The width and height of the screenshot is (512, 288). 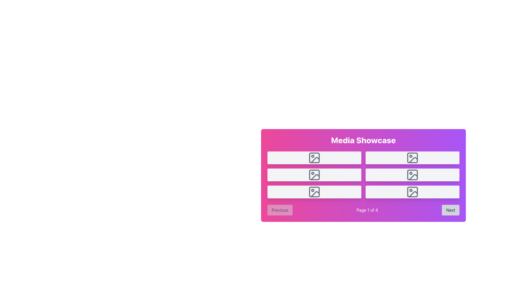 What do you see at coordinates (412, 192) in the screenshot?
I see `the square-shaped icon representing an image placeholder, which is centrally located in the last cell of the third row in a 3x2 grid of icon placeholders in a media showcase interface` at bounding box center [412, 192].